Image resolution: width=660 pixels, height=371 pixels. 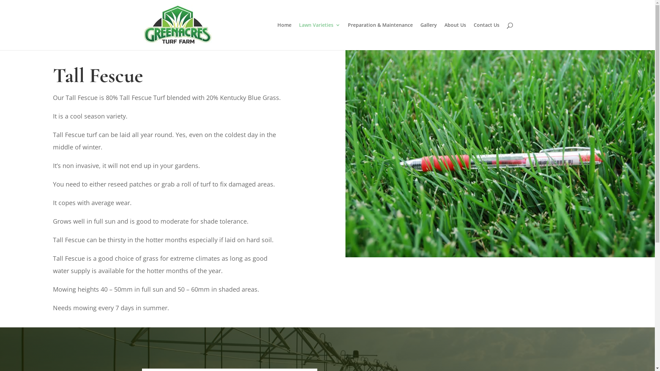 I want to click on 'Preparation & Maintenance', so click(x=380, y=36).